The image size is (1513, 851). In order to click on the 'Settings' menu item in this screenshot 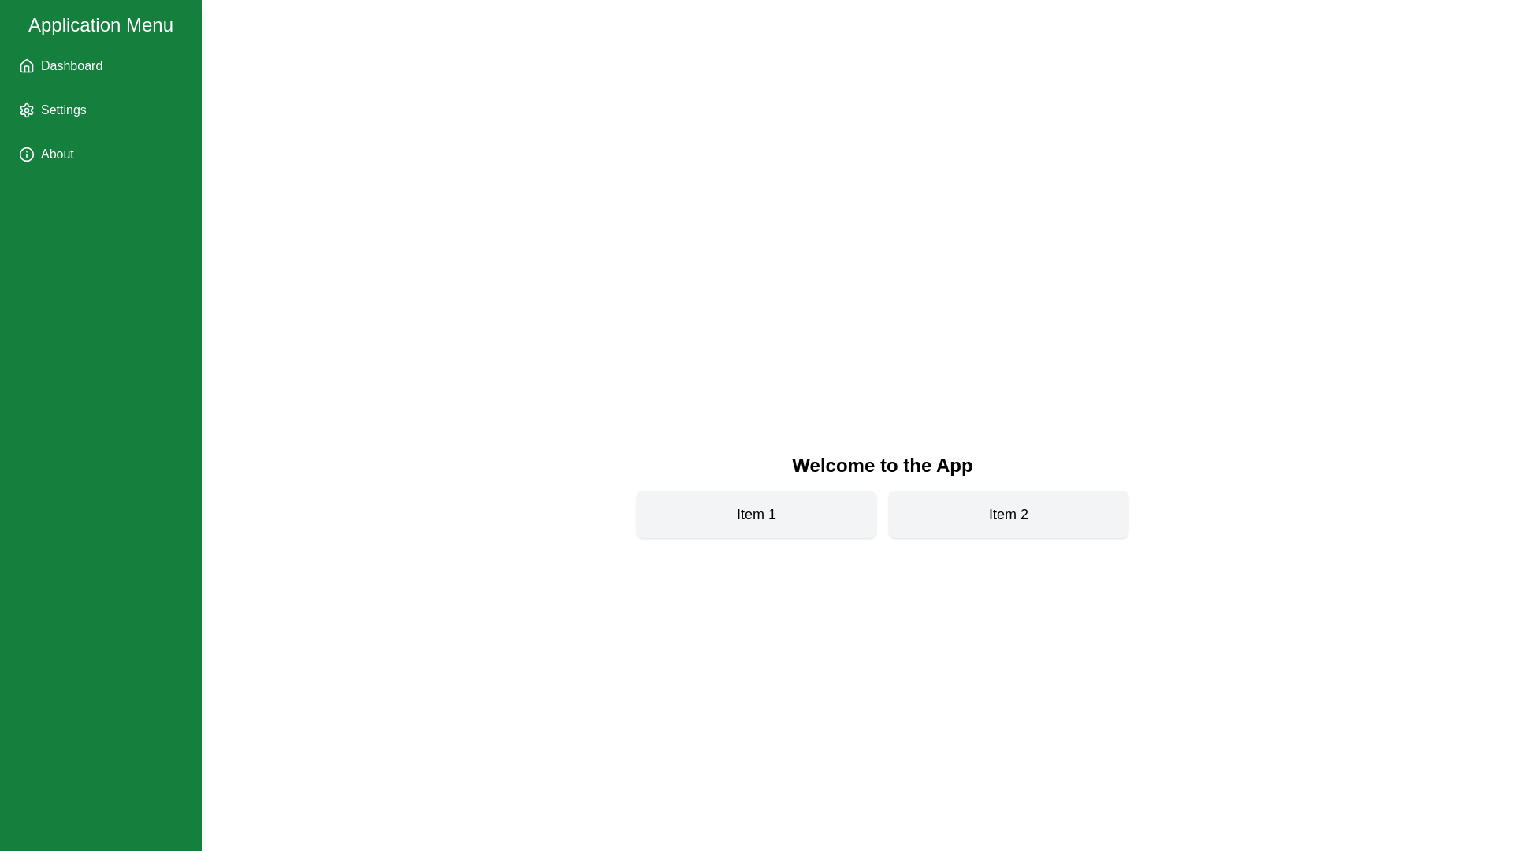, I will do `click(100, 109)`.